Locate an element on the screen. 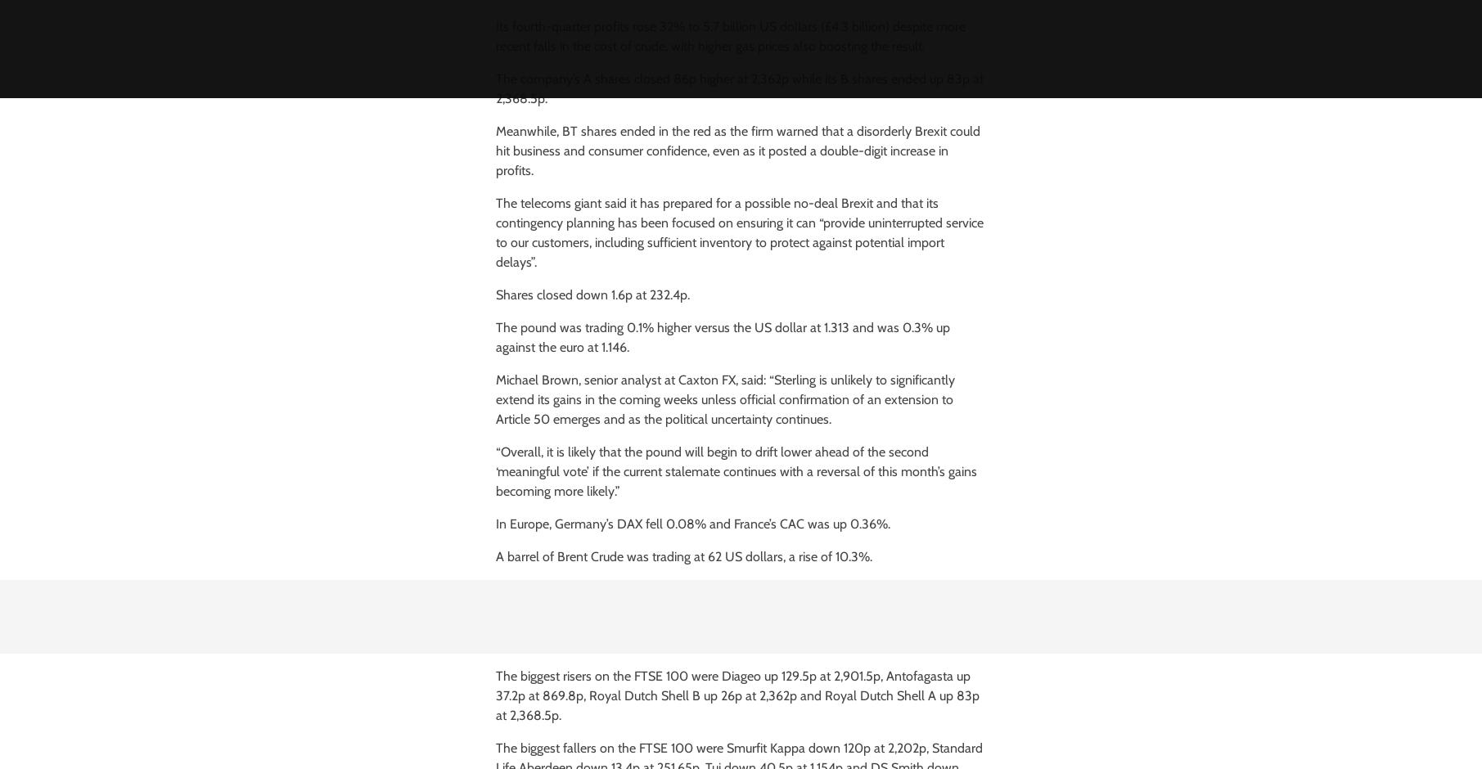 Image resolution: width=1482 pixels, height=769 pixels. 'Meanwhile, BT shares ended in the red as the firm warned that a disorderly Brexit could hit business and consumer confidence, even as it posted a double-digit increase in profits.' is located at coordinates (736, 151).